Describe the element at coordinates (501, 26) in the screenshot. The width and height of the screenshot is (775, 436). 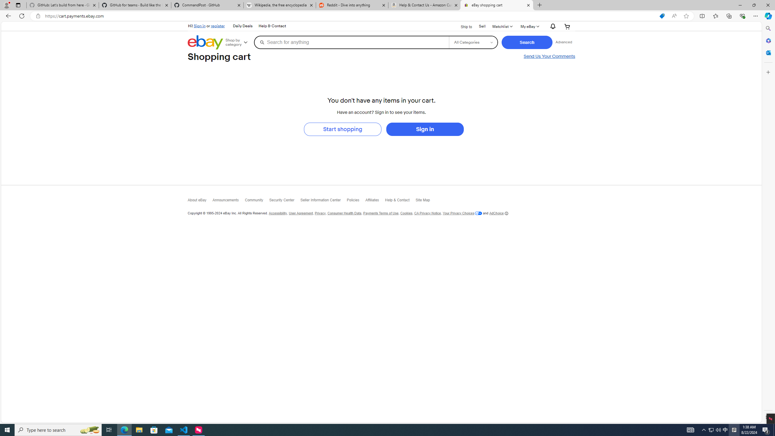
I see `'WatchlistExpand Watch List'` at that location.